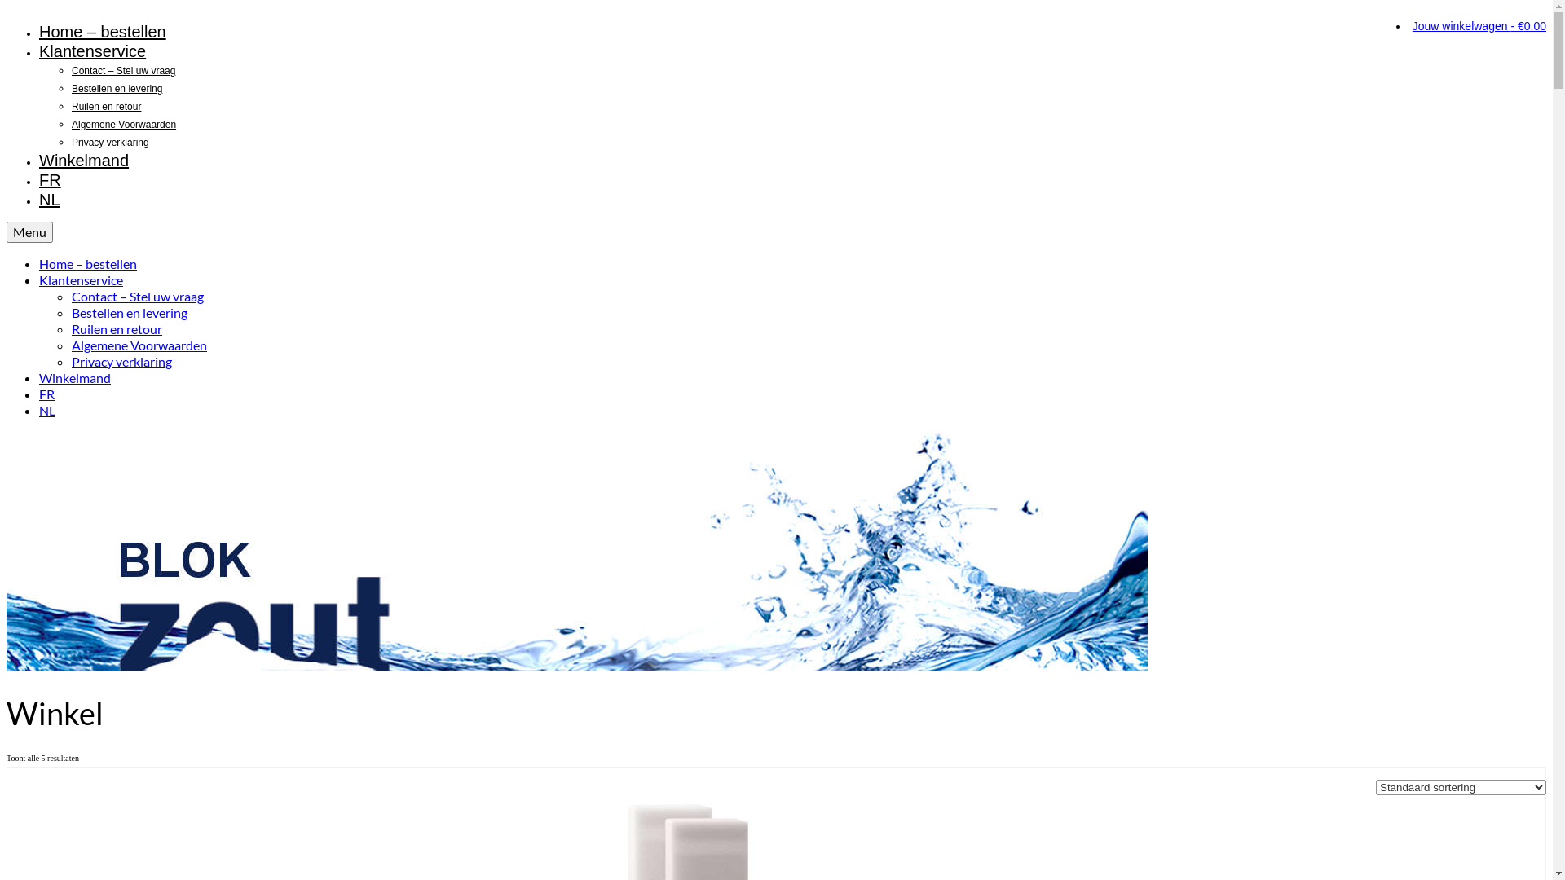 The width and height of the screenshot is (1565, 880). What do you see at coordinates (121, 360) in the screenshot?
I see `'Privacy verklaring'` at bounding box center [121, 360].